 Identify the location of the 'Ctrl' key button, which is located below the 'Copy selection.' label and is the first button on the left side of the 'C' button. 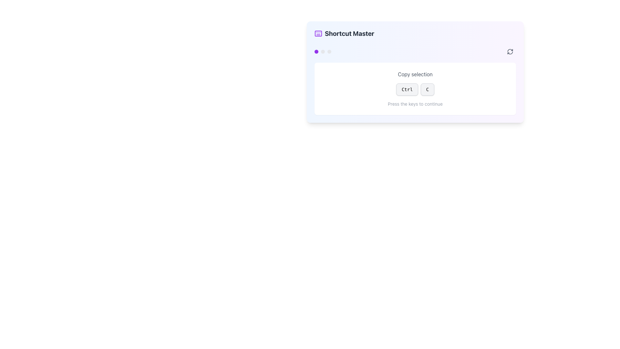
(407, 90).